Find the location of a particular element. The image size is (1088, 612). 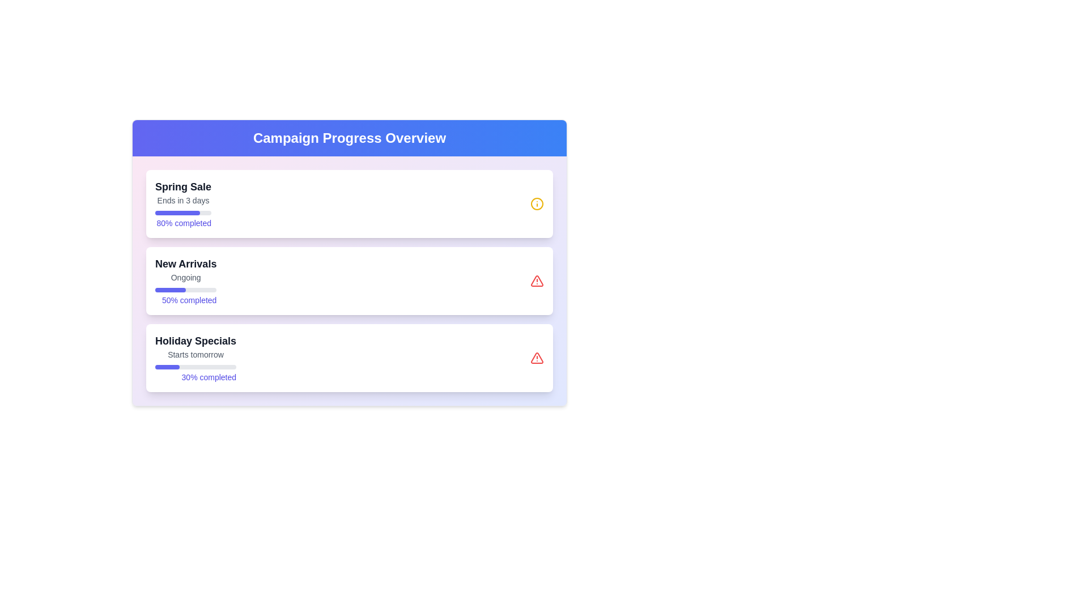

the summary card labeled 'Holiday Specials' which is the third card in a vertical stack of three cards, located at the bottom-most position is located at coordinates (349, 358).